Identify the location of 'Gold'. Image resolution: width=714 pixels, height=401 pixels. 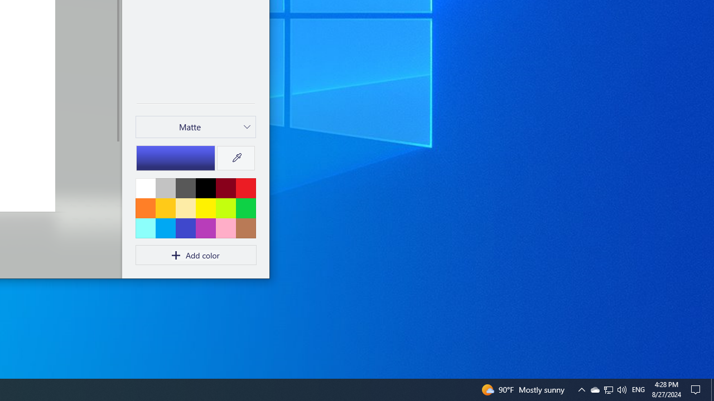
(165, 208).